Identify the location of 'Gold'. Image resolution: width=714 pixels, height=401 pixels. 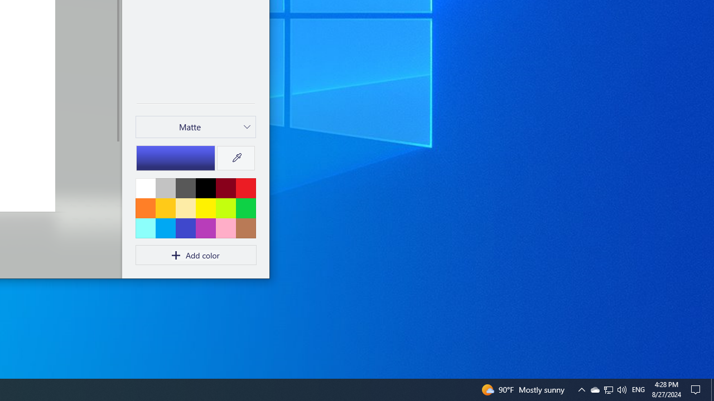
(165, 208).